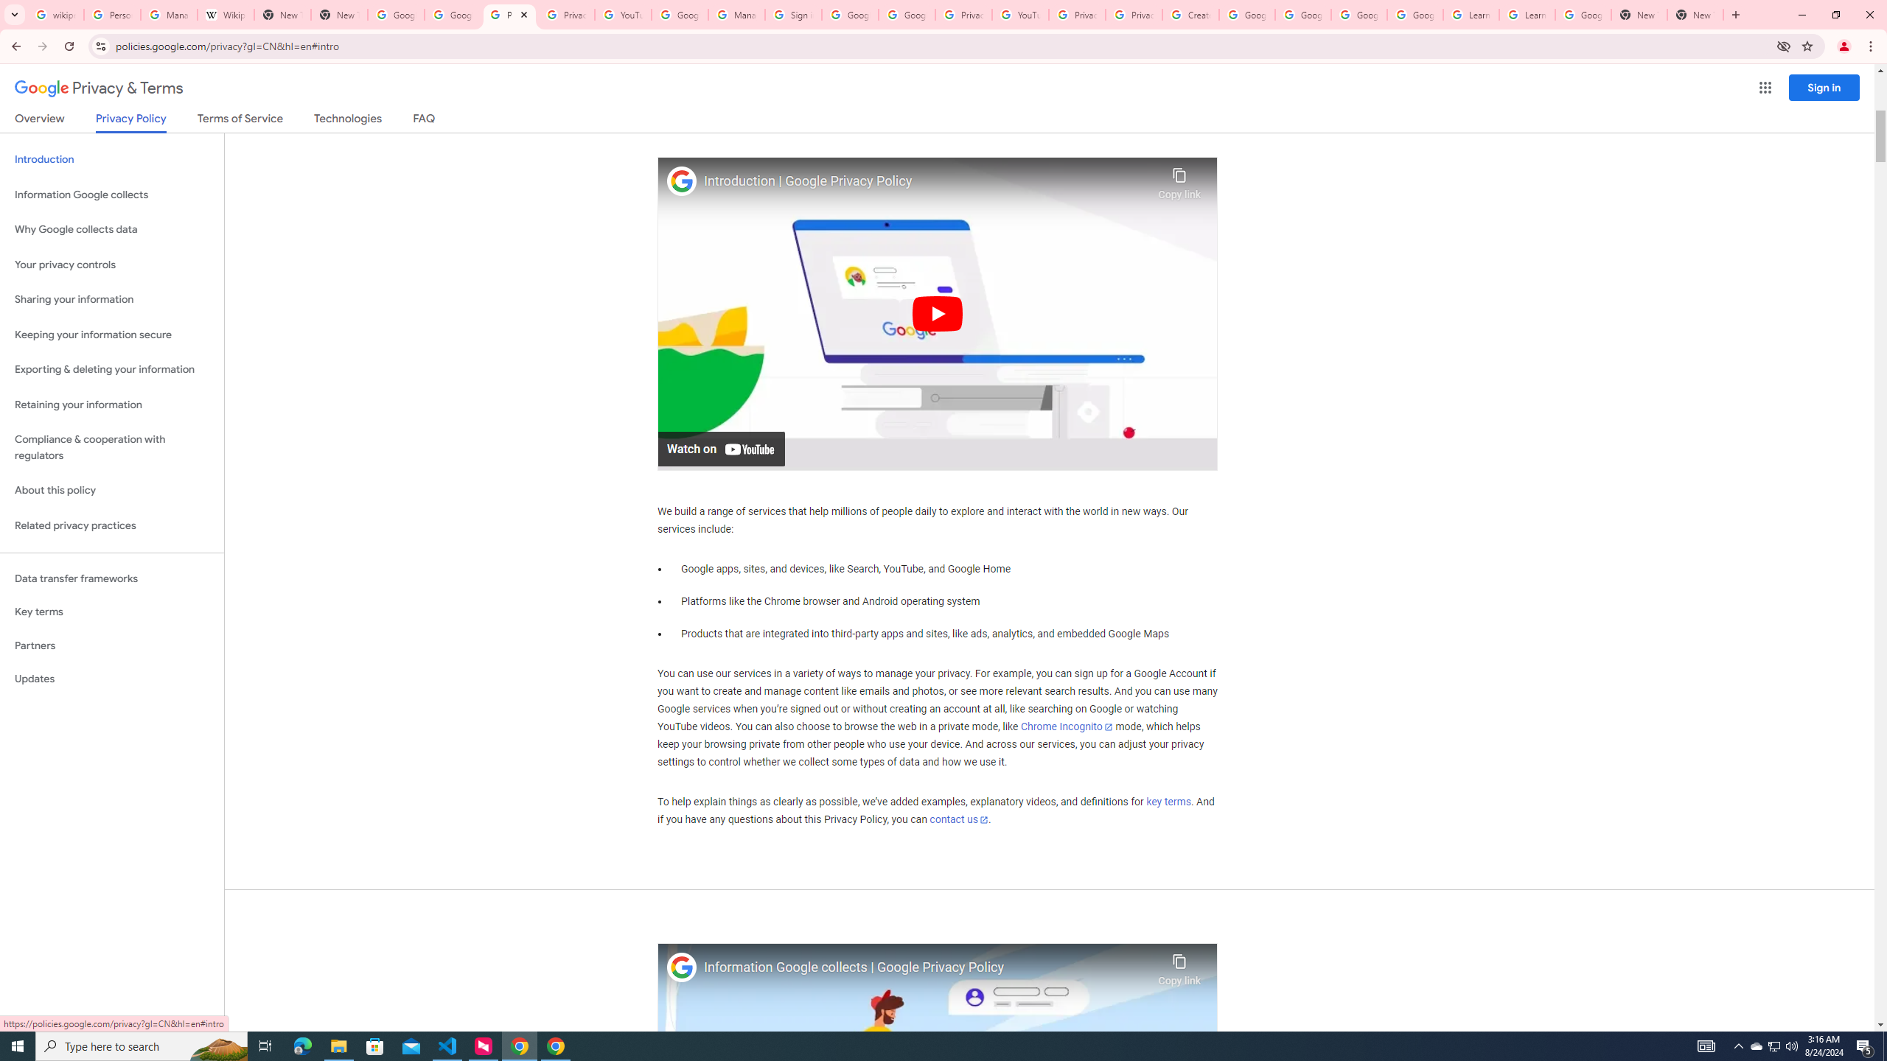 The image size is (1887, 1061). Describe the element at coordinates (111, 195) in the screenshot. I see `'Information Google collects'` at that location.